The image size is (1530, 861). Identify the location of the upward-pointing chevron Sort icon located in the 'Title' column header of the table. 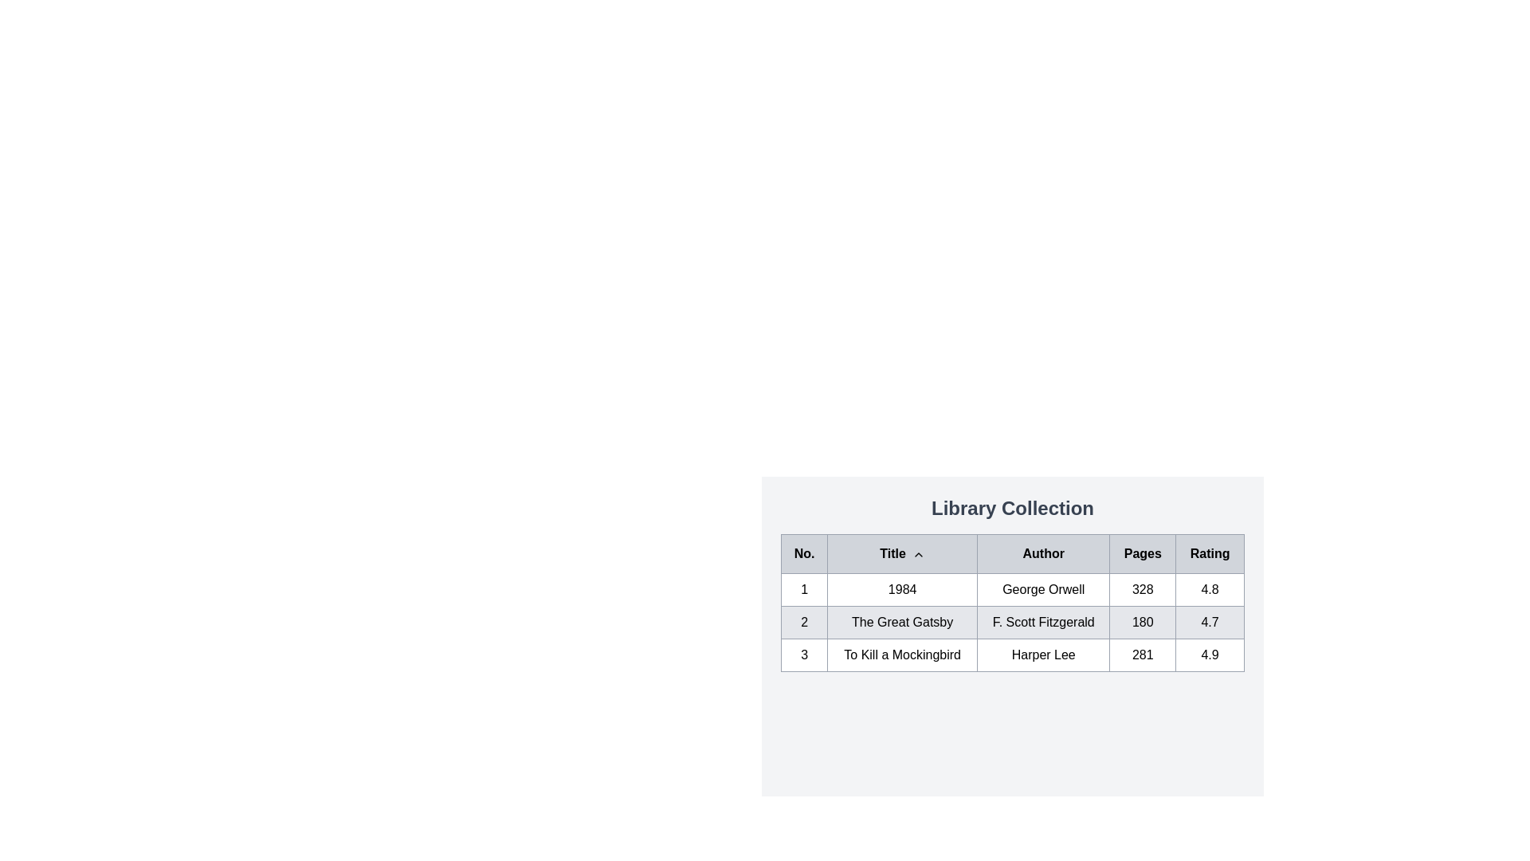
(918, 552).